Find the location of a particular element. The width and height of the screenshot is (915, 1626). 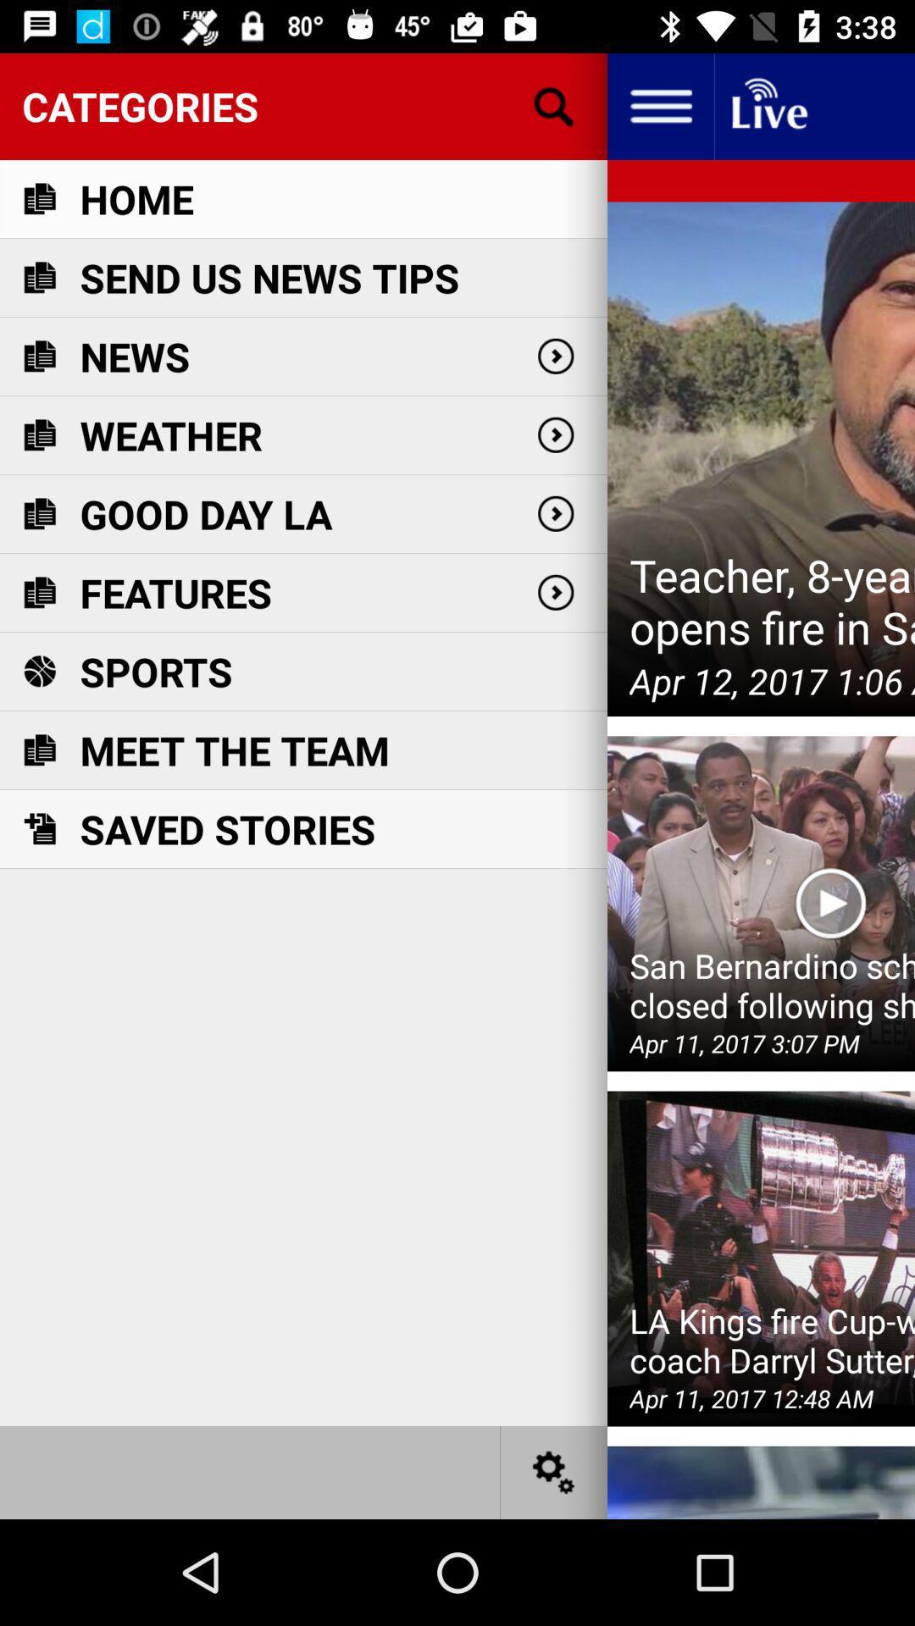

main menu is located at coordinates (659, 105).